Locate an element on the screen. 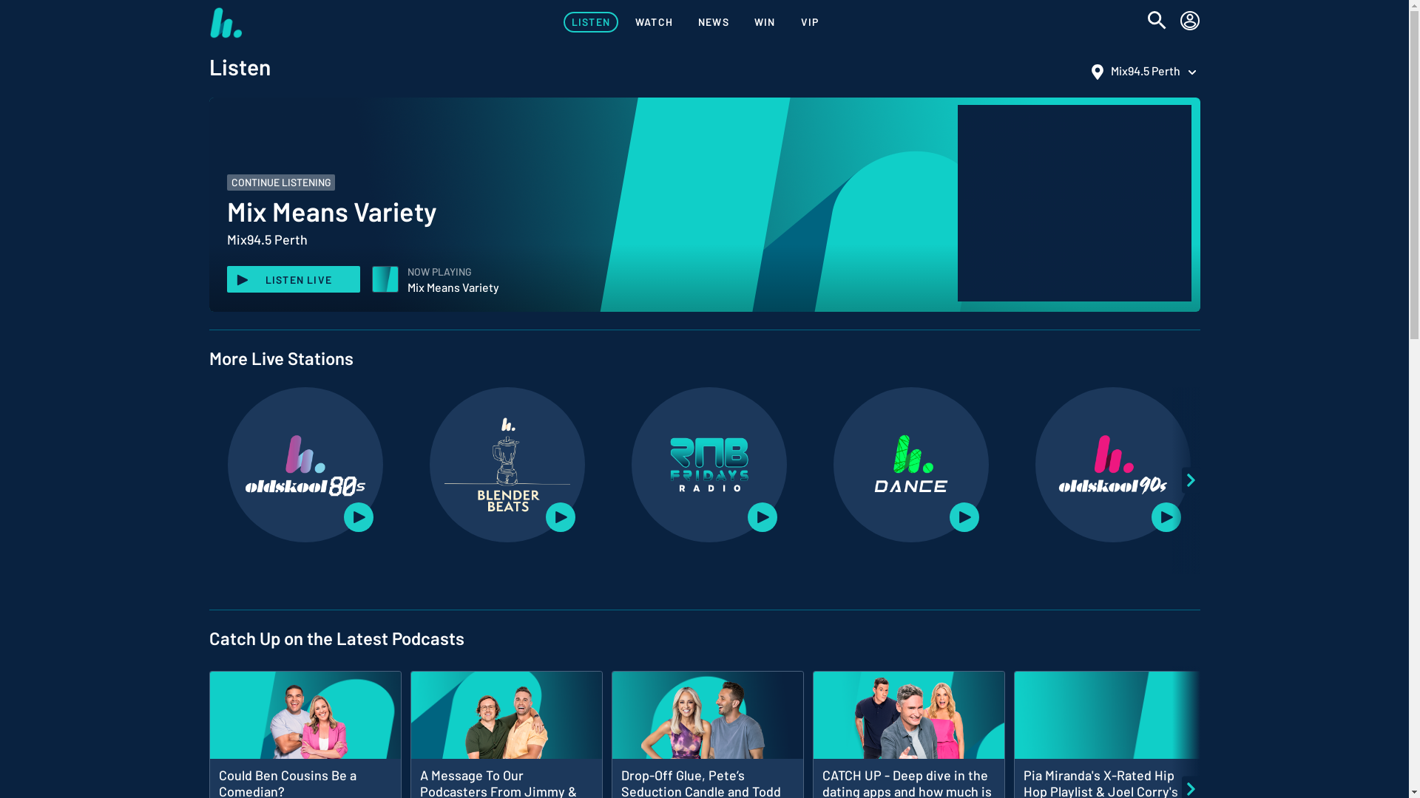 Image resolution: width=1420 pixels, height=798 pixels. 'Oldskool 90s Hits' is located at coordinates (1049, 463).